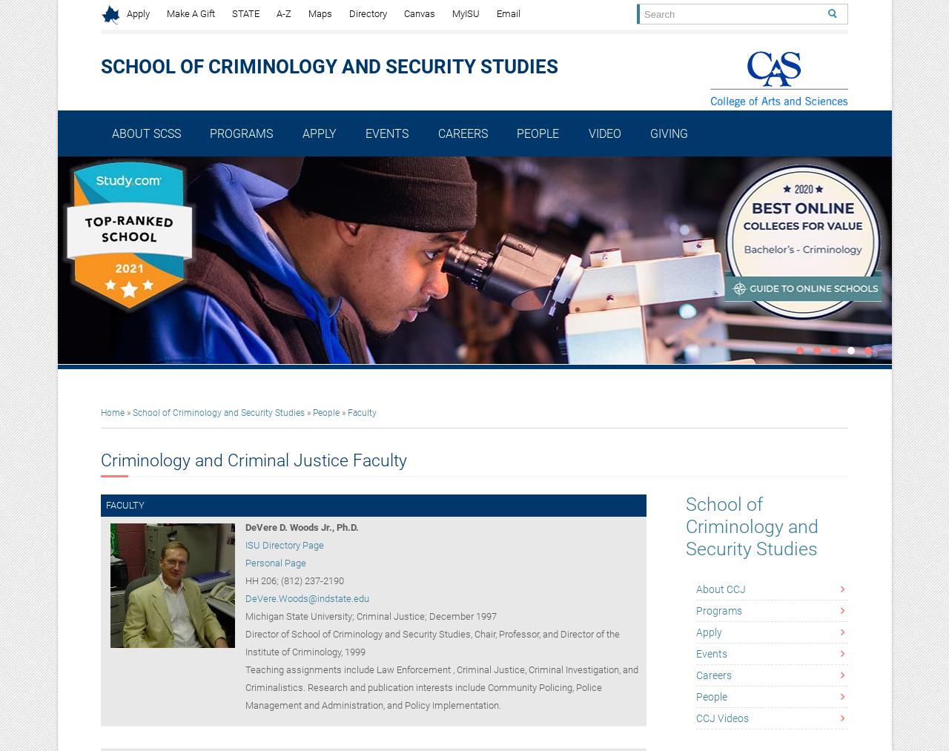 The height and width of the screenshot is (751, 949). Describe the element at coordinates (722, 718) in the screenshot. I see `'CCJ Videos'` at that location.